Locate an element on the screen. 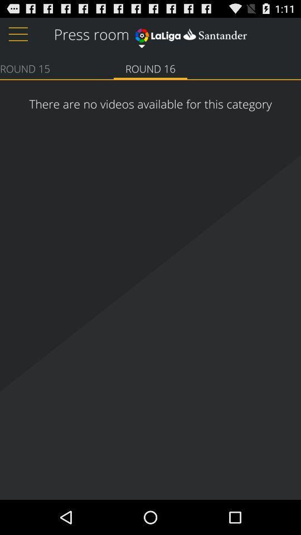  the round 15 icon is located at coordinates (25, 67).